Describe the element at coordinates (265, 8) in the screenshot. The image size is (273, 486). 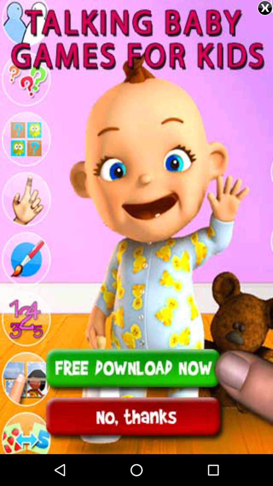
I see `the close icon` at that location.